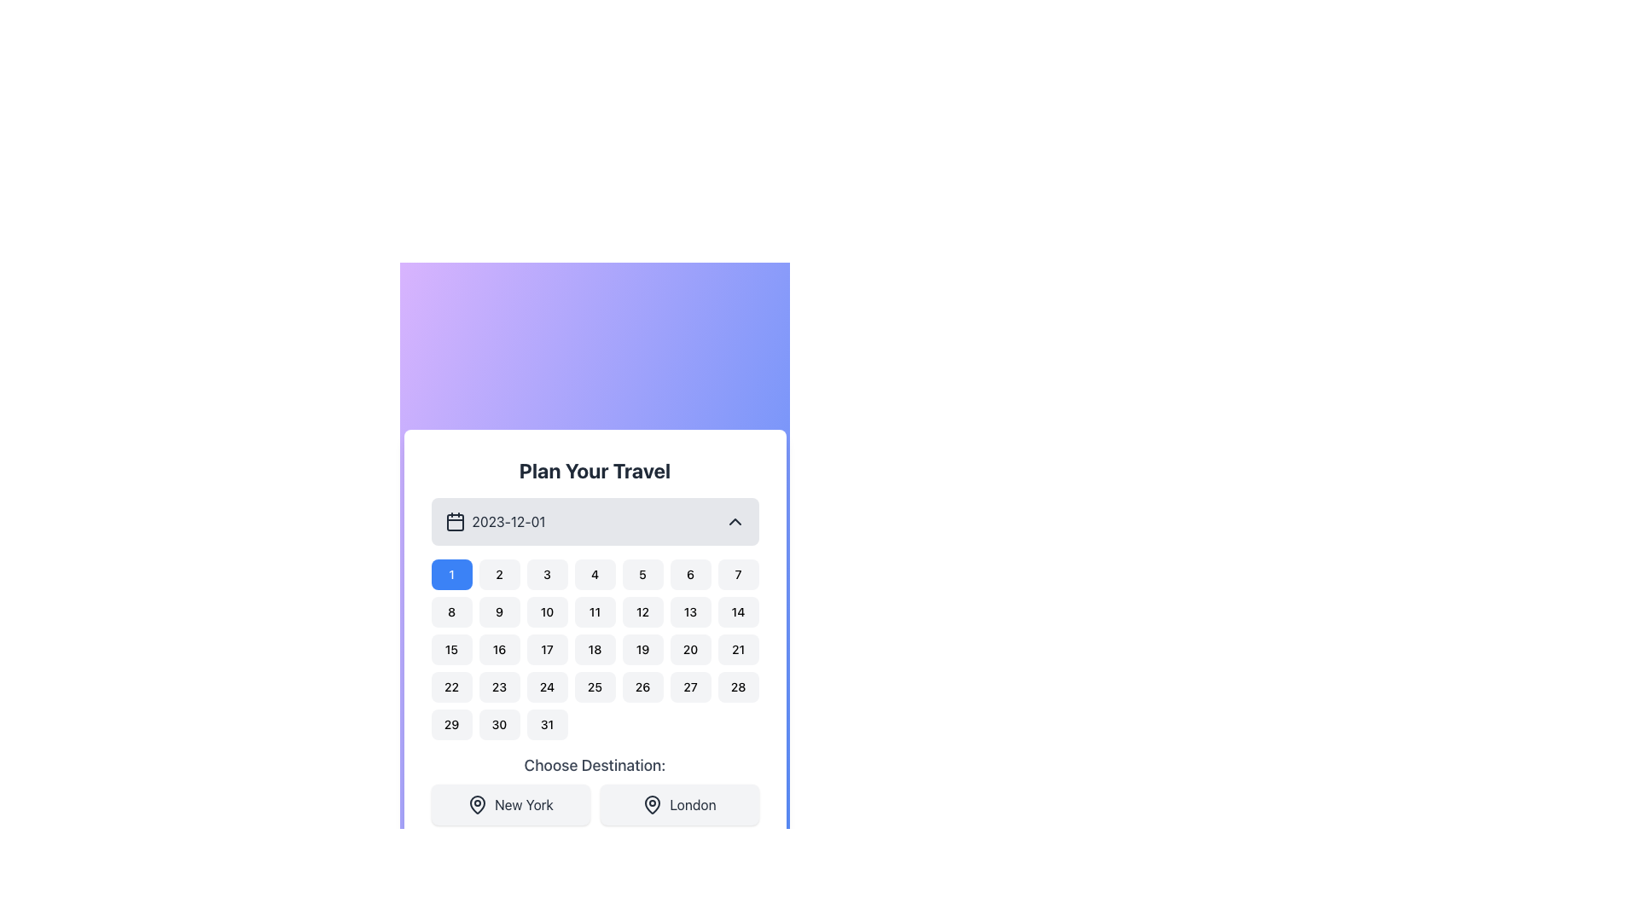 The width and height of the screenshot is (1638, 921). What do you see at coordinates (451, 611) in the screenshot?
I see `the button labeled '8' in the calendar interface` at bounding box center [451, 611].